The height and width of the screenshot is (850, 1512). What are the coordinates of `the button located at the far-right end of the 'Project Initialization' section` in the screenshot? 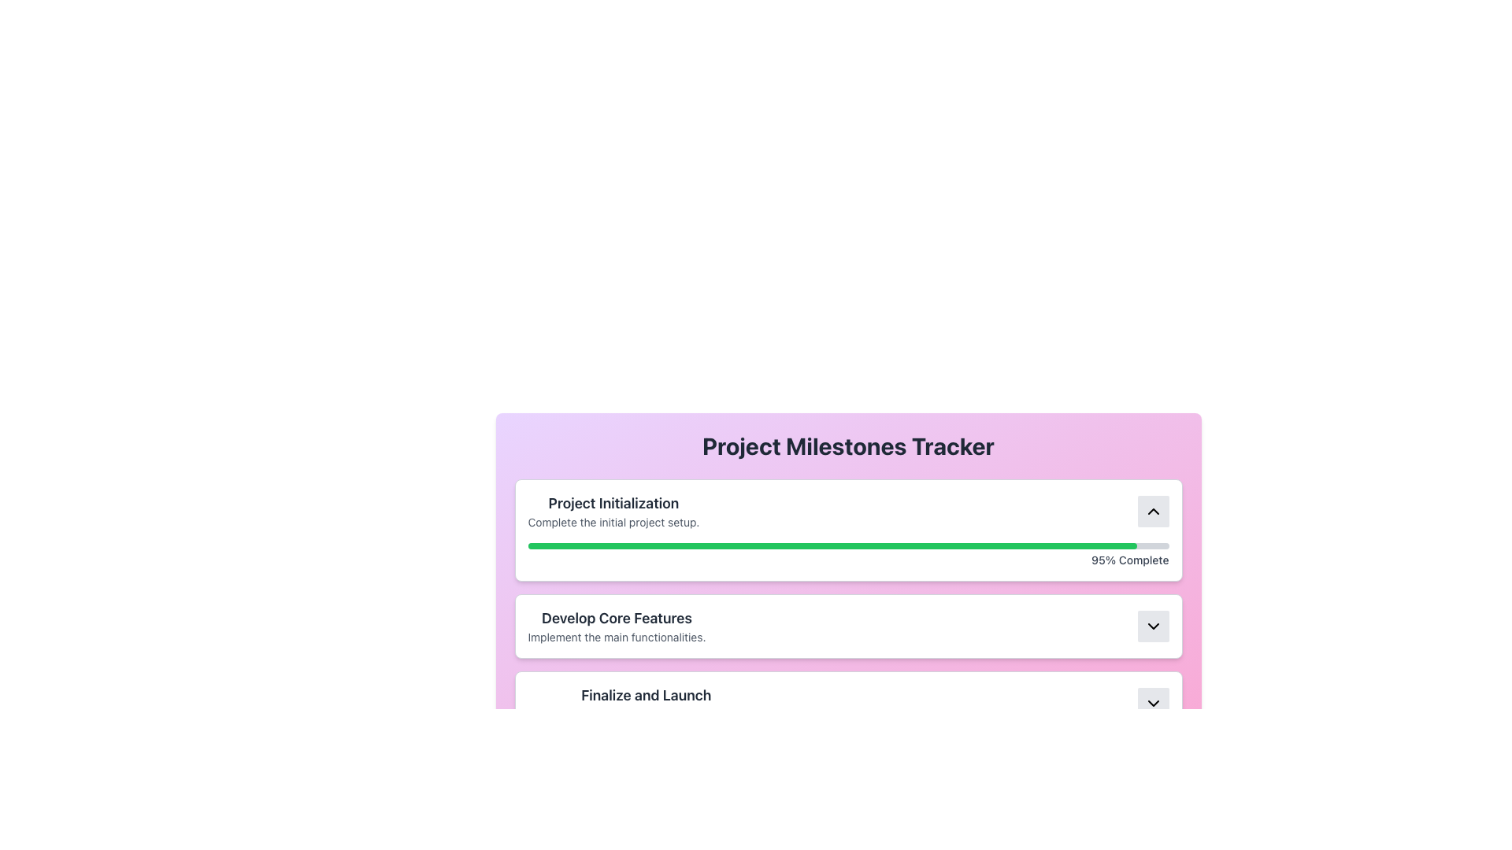 It's located at (1153, 512).